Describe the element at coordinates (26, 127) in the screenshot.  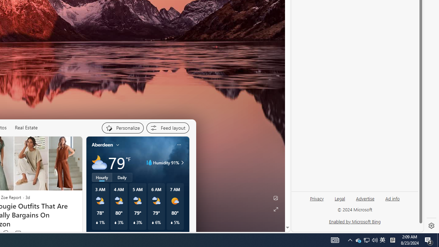
I see `'Real Estate'` at that location.